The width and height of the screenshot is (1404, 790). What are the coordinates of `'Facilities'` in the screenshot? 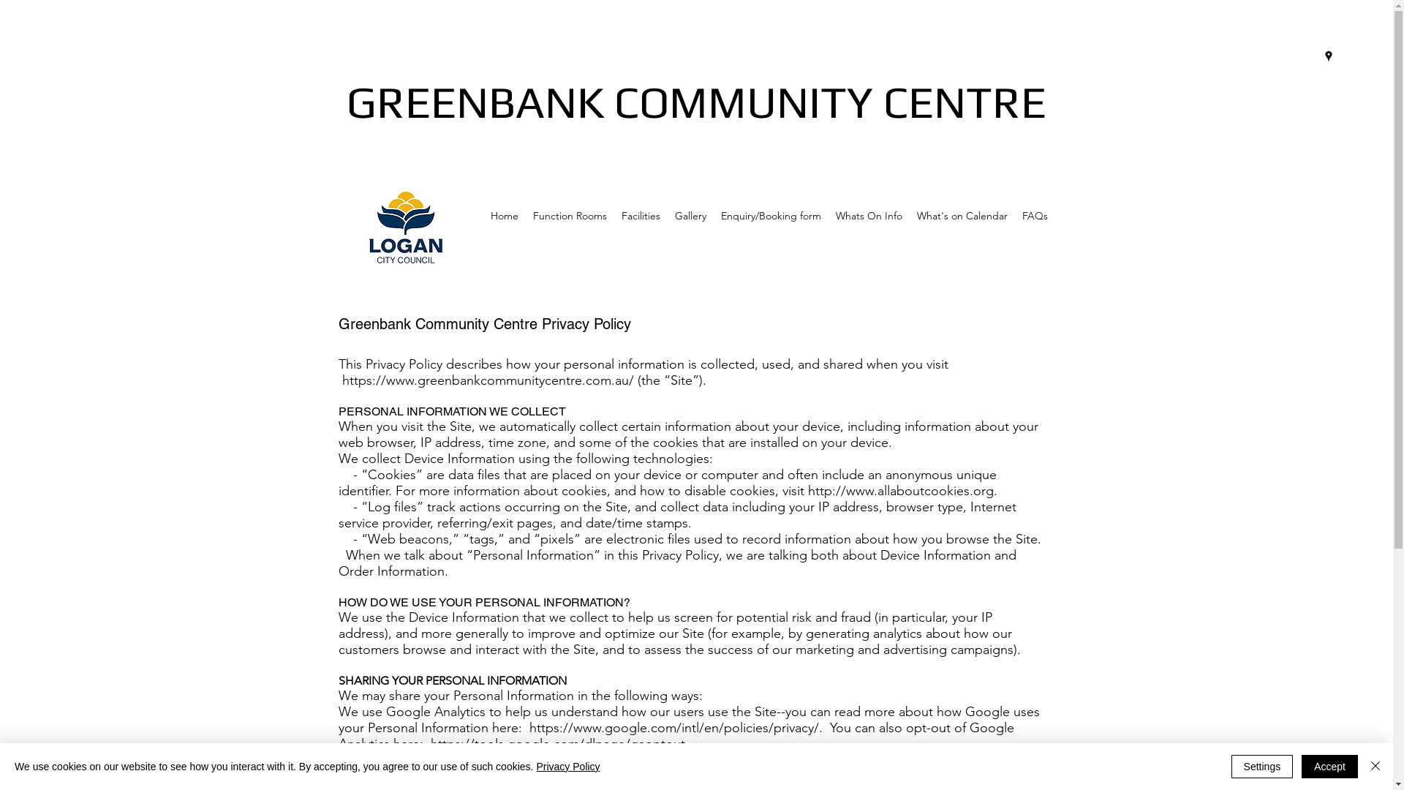 It's located at (641, 215).